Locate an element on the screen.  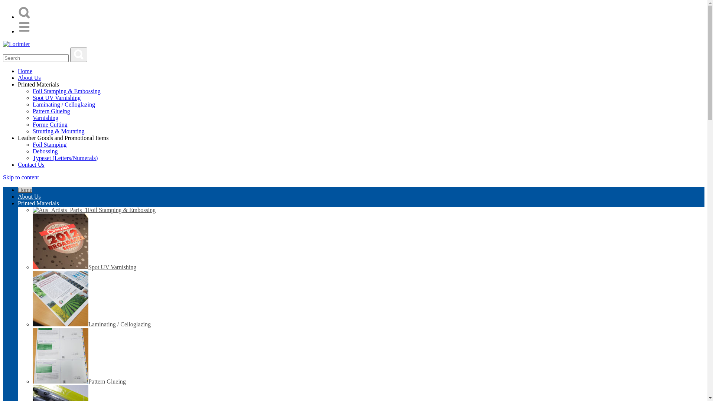
'Leather Goods and Promotional Items' is located at coordinates (18, 138).